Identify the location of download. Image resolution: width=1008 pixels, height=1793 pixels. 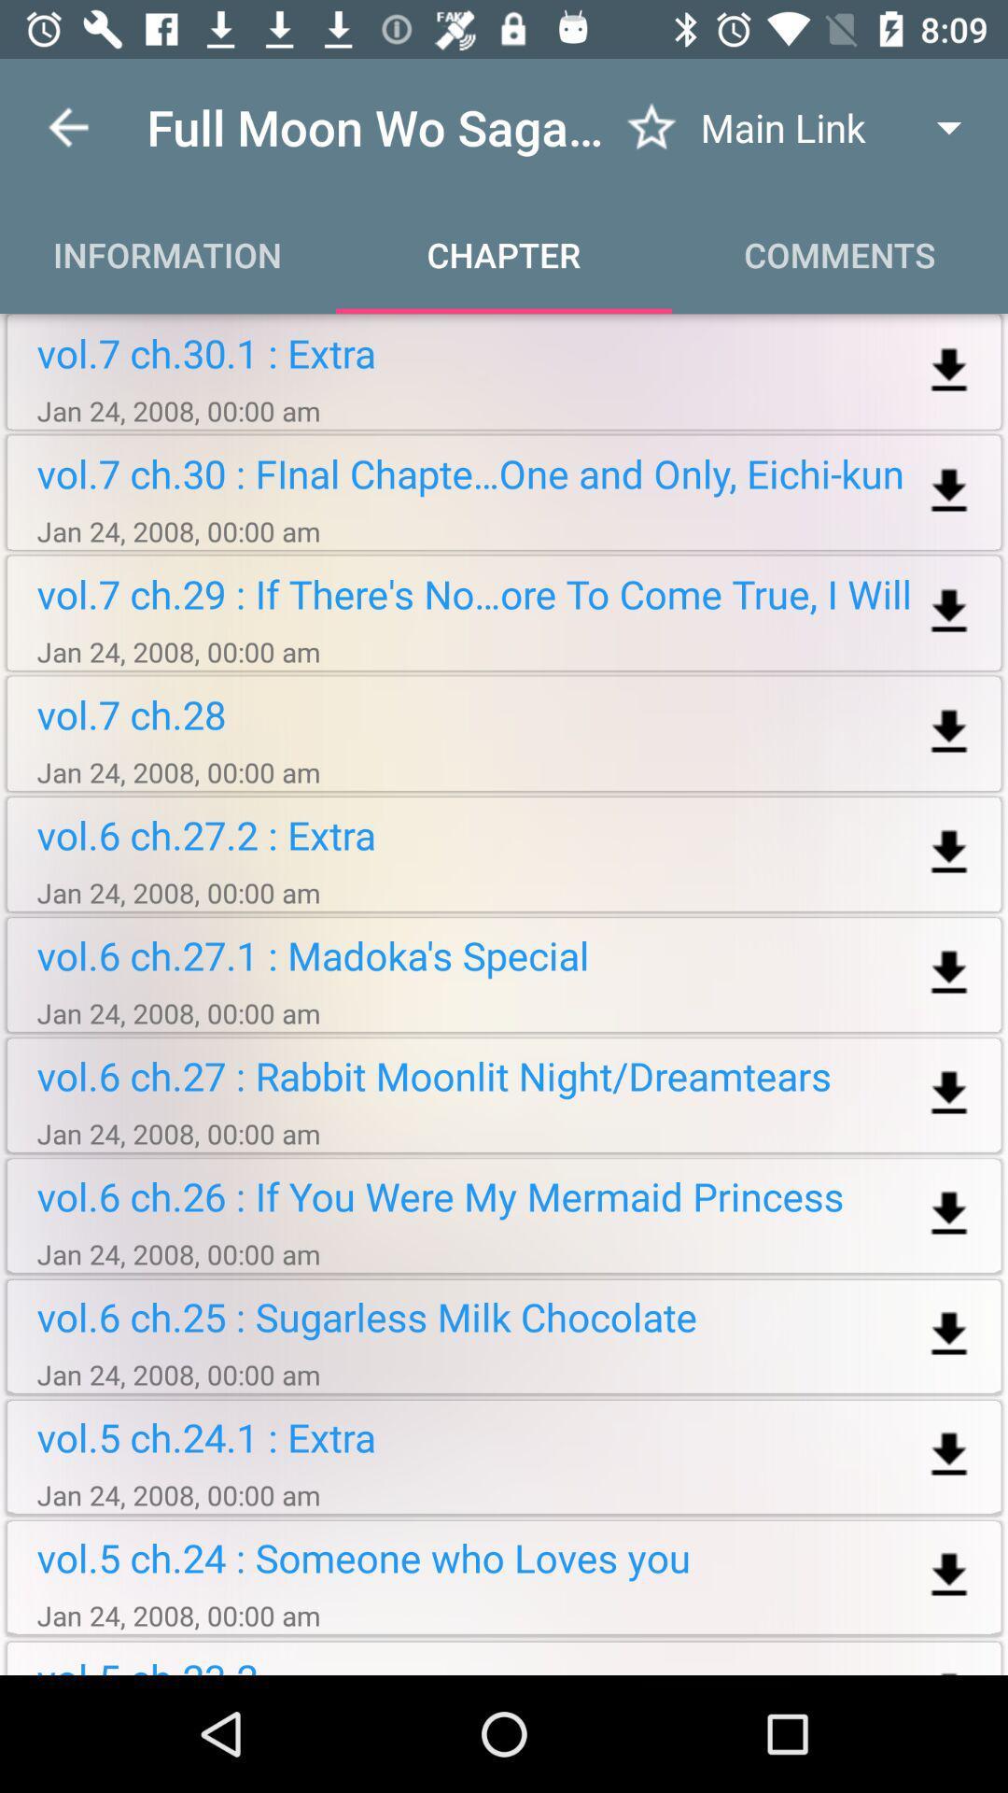
(949, 731).